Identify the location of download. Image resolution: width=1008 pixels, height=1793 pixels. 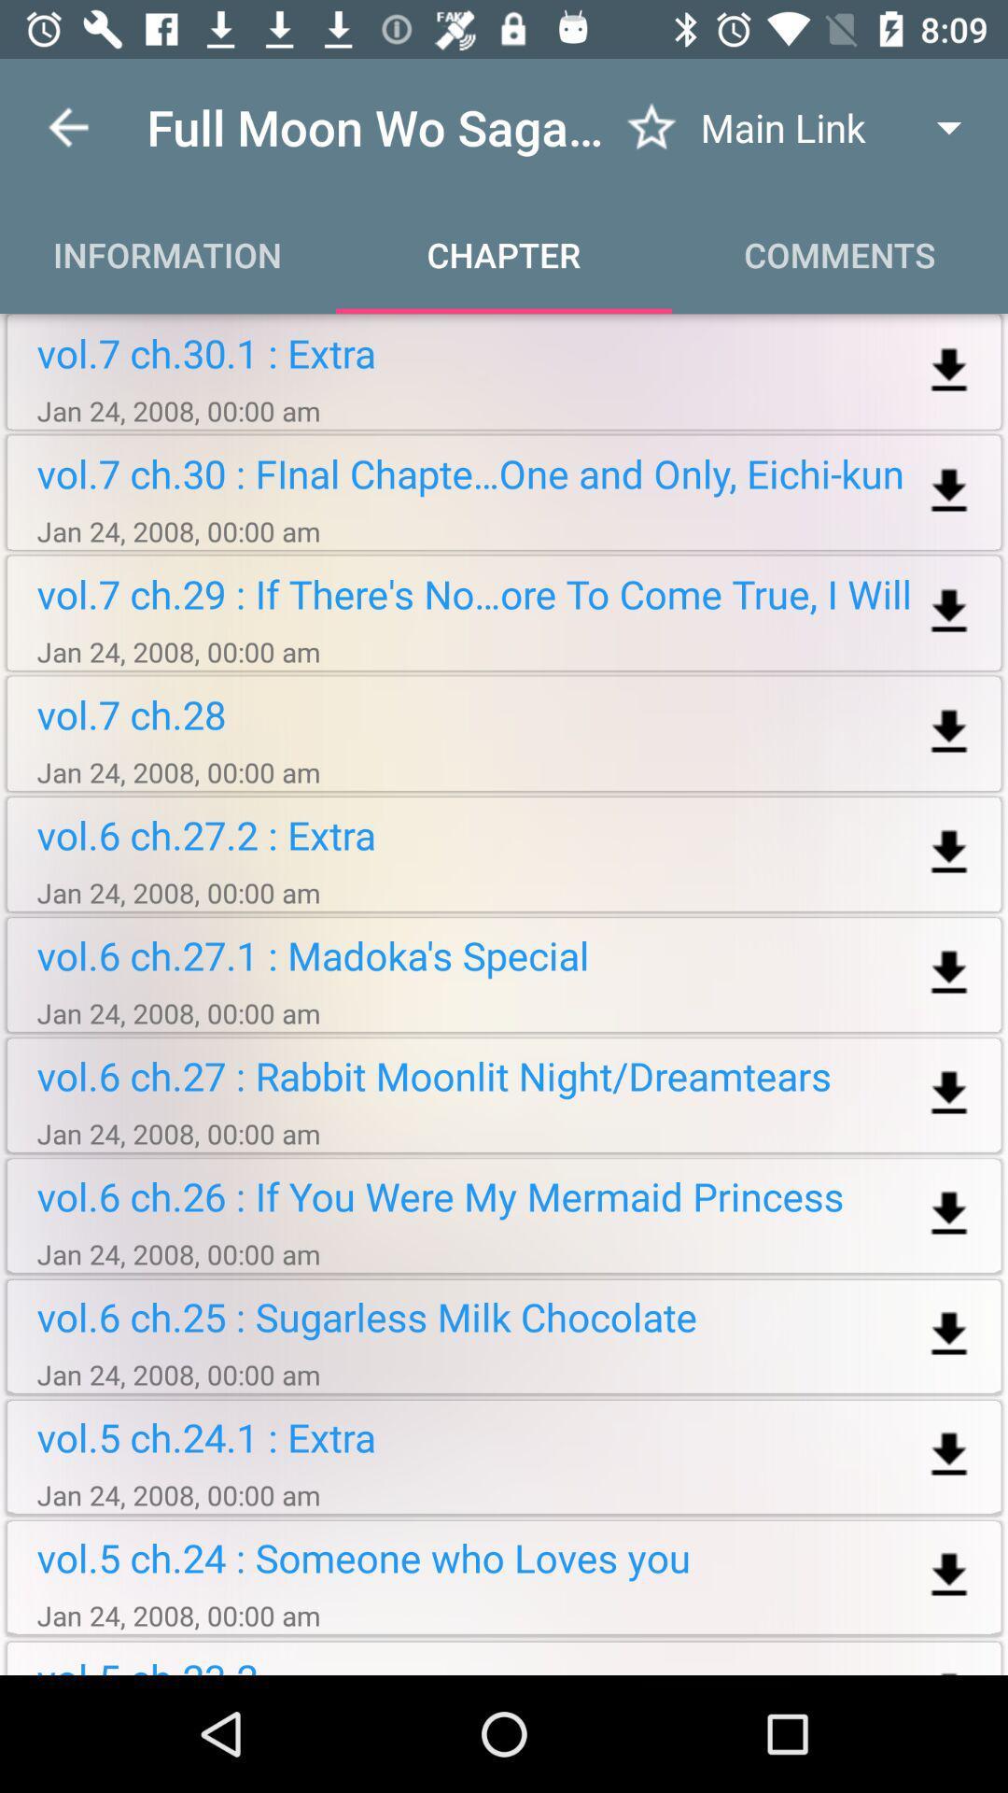
(949, 731).